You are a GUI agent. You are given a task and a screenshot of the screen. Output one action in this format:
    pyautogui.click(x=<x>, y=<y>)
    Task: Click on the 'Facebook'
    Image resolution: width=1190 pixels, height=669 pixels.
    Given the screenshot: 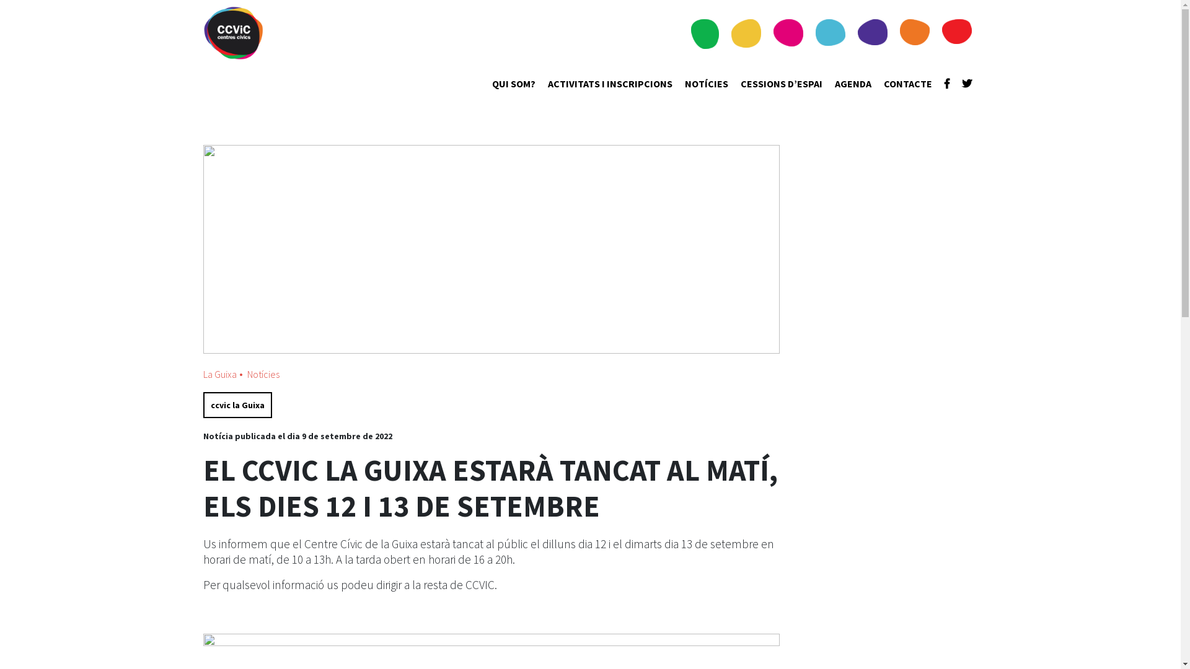 What is the action you would take?
    pyautogui.click(x=943, y=84)
    